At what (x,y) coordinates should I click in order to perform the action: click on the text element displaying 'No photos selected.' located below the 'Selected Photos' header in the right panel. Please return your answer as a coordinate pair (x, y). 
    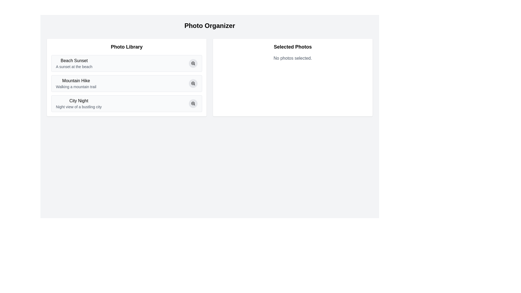
    Looking at the image, I should click on (293, 58).